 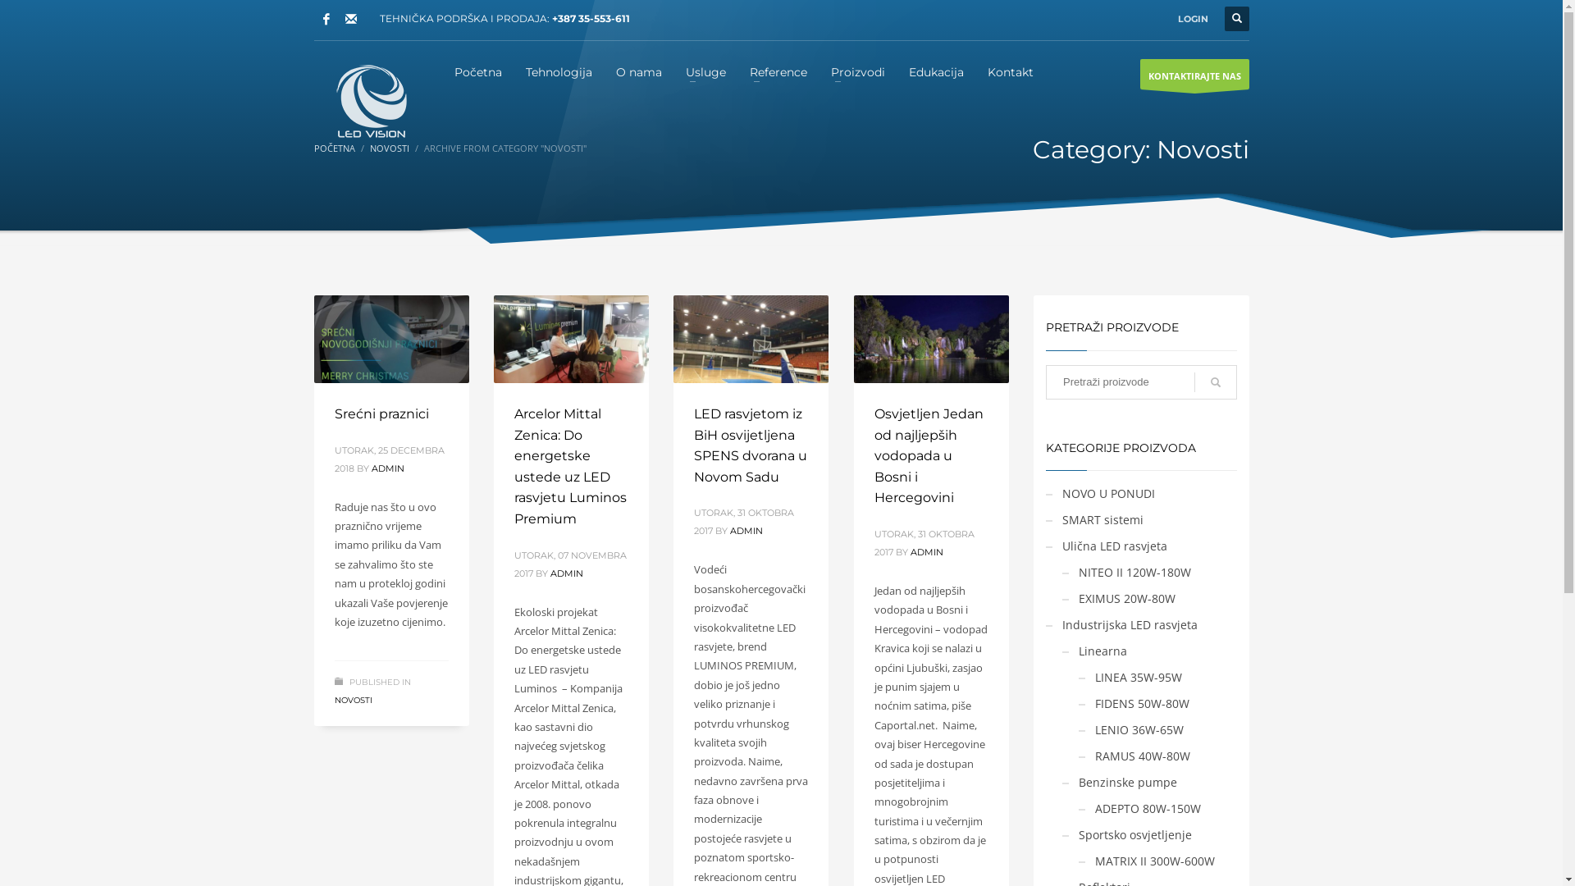 I want to click on 'Email', so click(x=349, y=19).